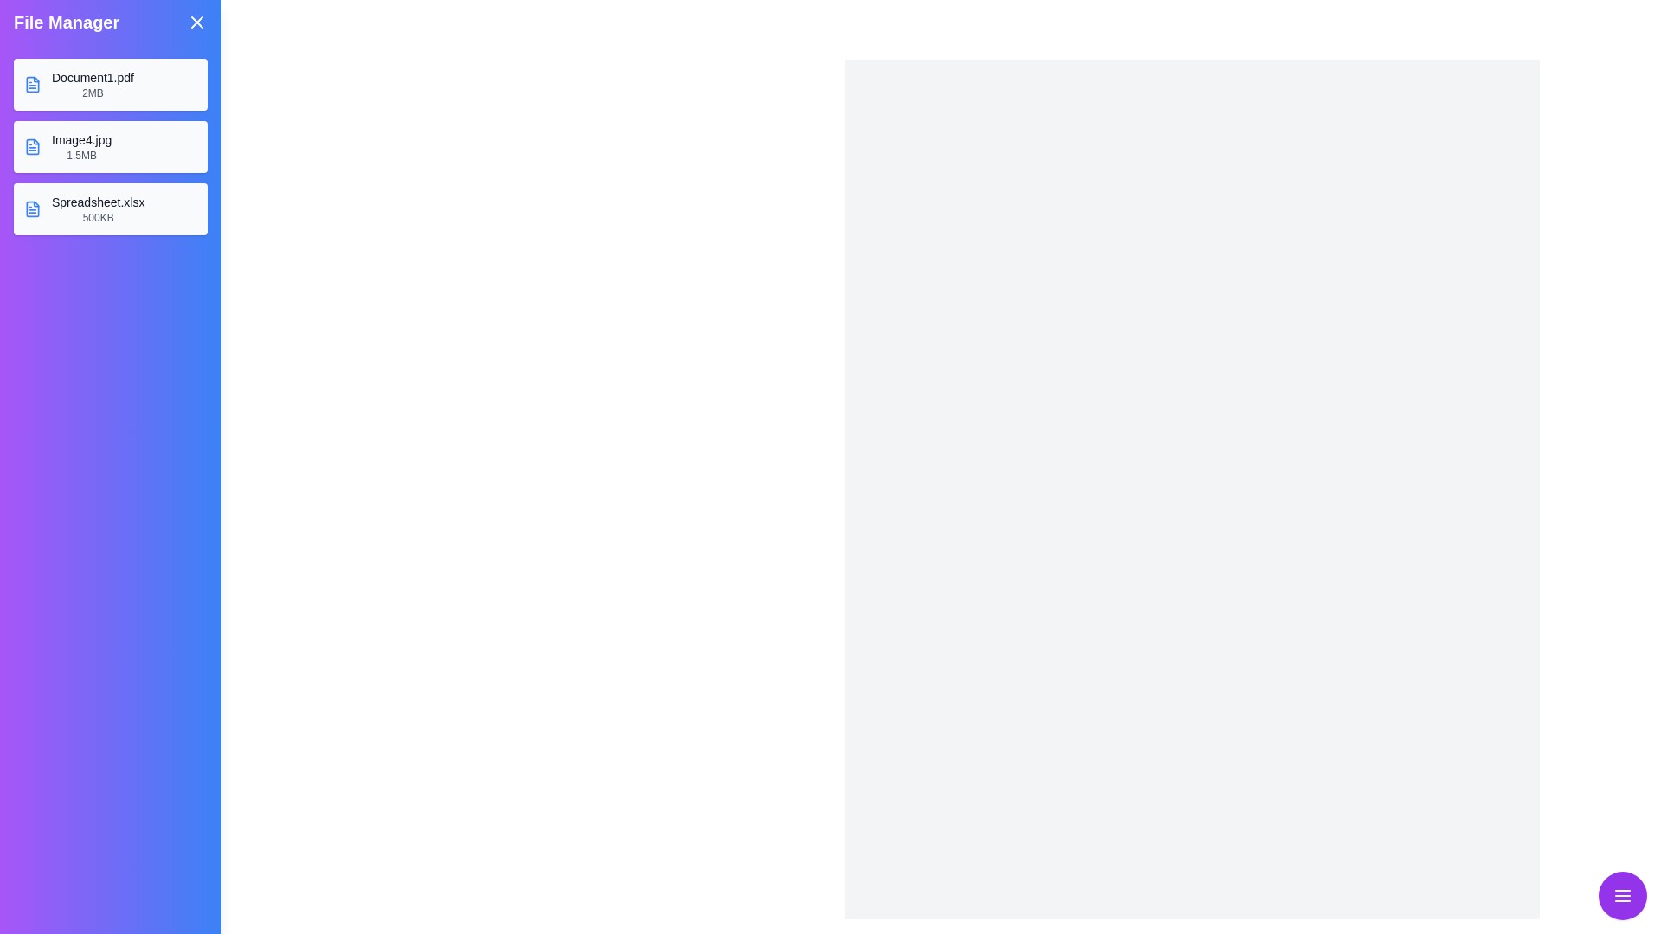  What do you see at coordinates (196, 22) in the screenshot?
I see `the circular close button with a cross symbol located in the top-right corner of the 'File Manager' panel header` at bounding box center [196, 22].